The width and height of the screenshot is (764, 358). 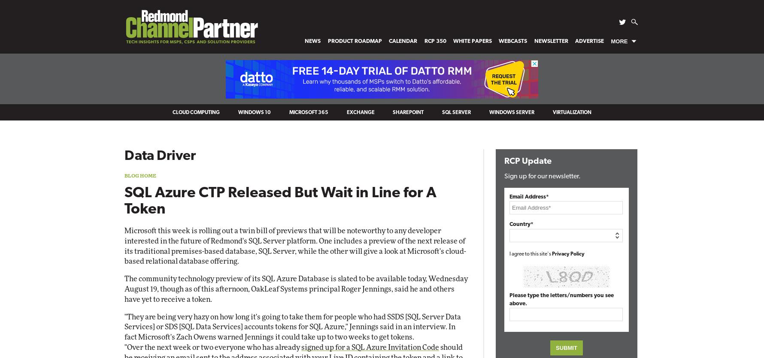 What do you see at coordinates (295, 289) in the screenshot?
I see `'The community technology preview of its SQL Azure Database is slated to be available today, Wednesday August 19, though as of this afternoon, OakLeaf Systems principal Roger Jennings, said he and others have yet to receive a token.'` at bounding box center [295, 289].